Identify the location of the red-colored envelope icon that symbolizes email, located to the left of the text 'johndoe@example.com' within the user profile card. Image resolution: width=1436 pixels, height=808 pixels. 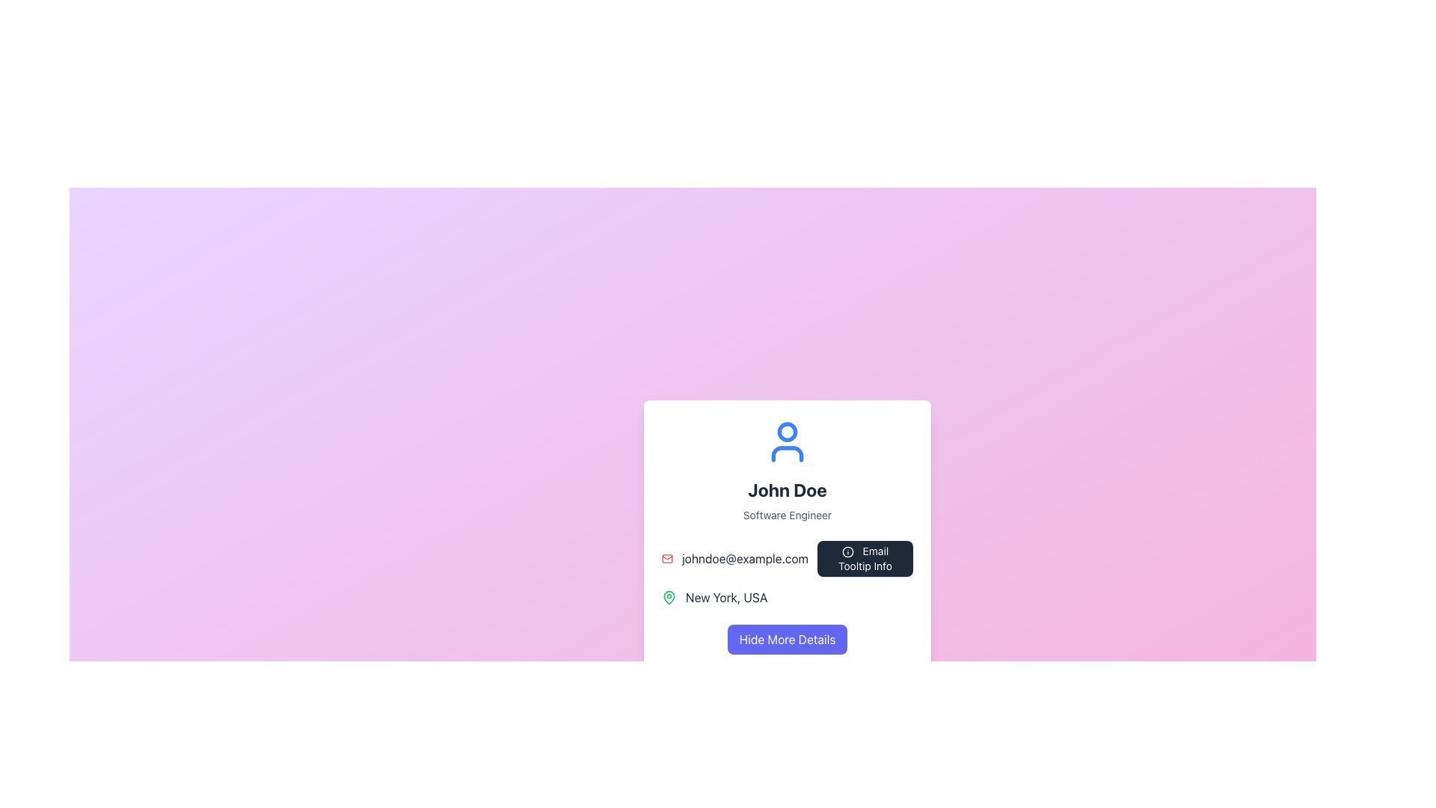
(666, 559).